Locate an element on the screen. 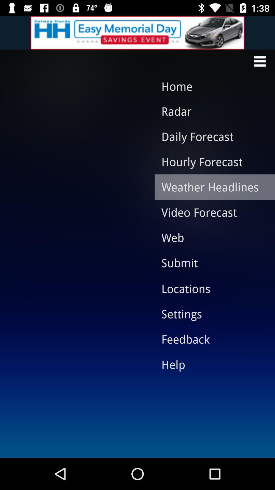 Image resolution: width=275 pixels, height=490 pixels. advertisement link is located at coordinates (137, 32).